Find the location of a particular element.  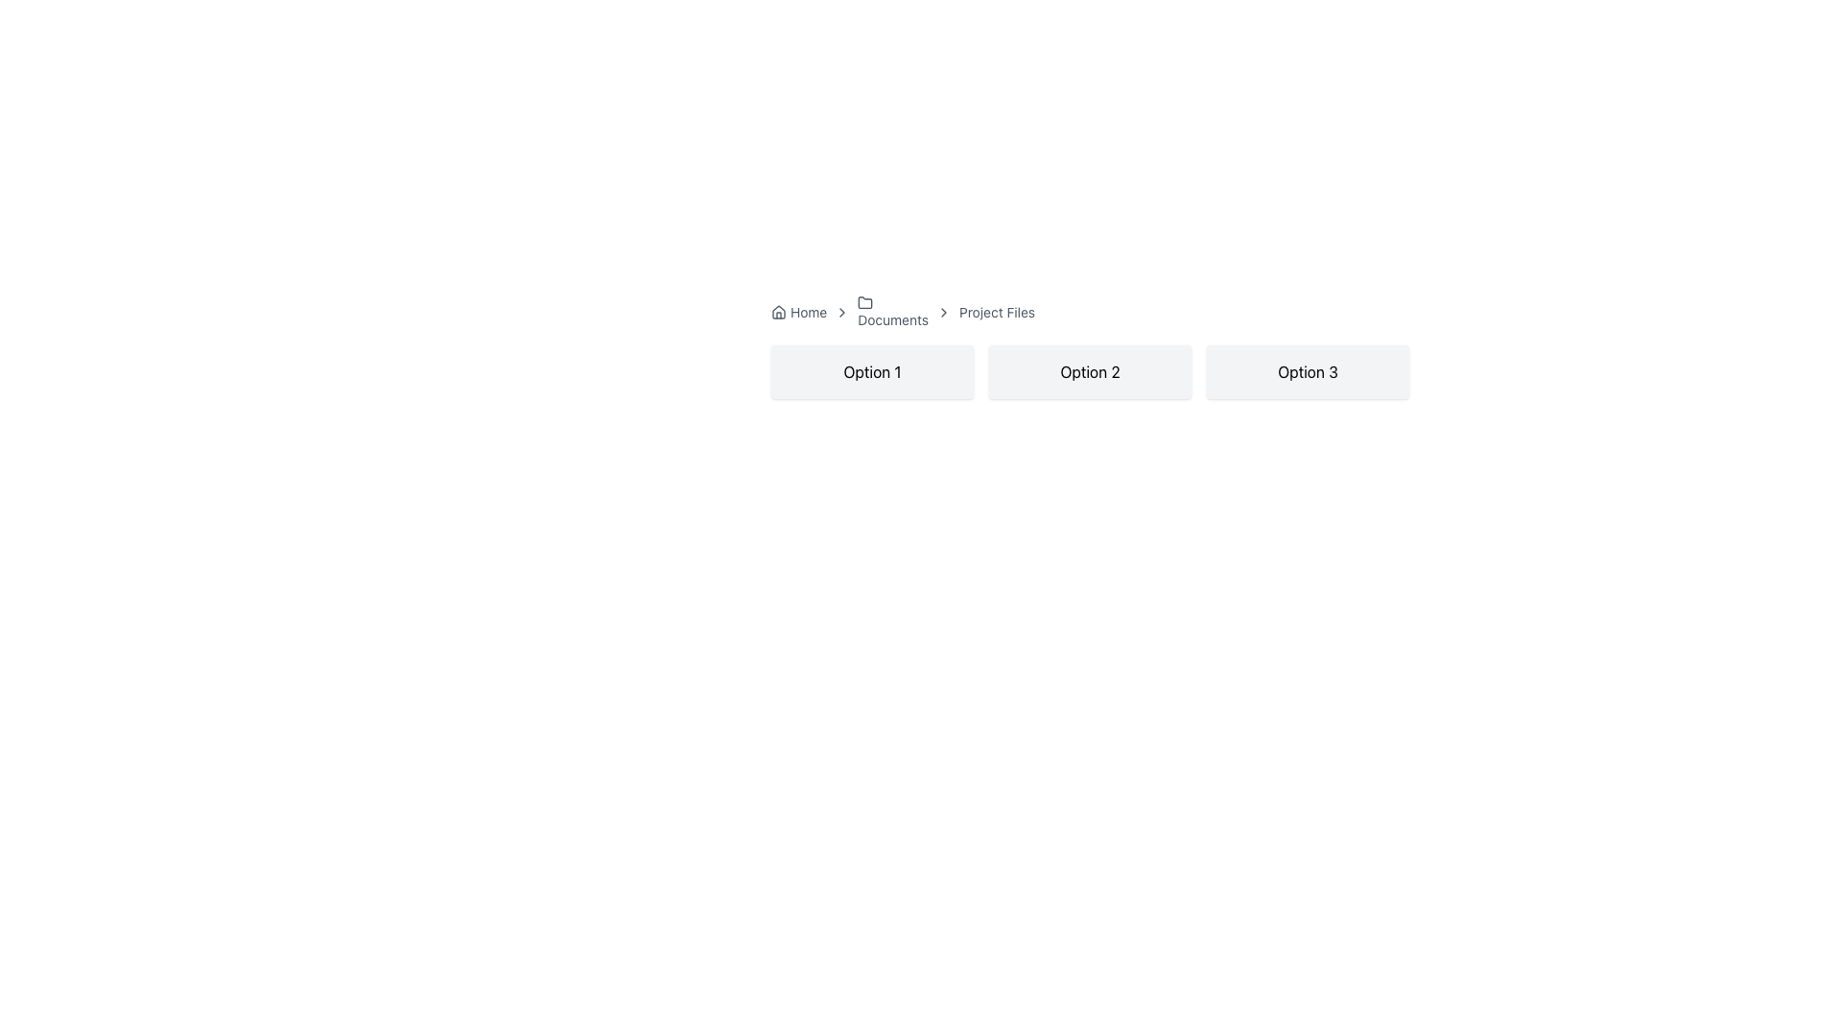

the button labeled 'Option 3', which is a rectangular component with a light gray background and rounded corners, located in the rightmost column of a grid layout is located at coordinates (1307, 372).